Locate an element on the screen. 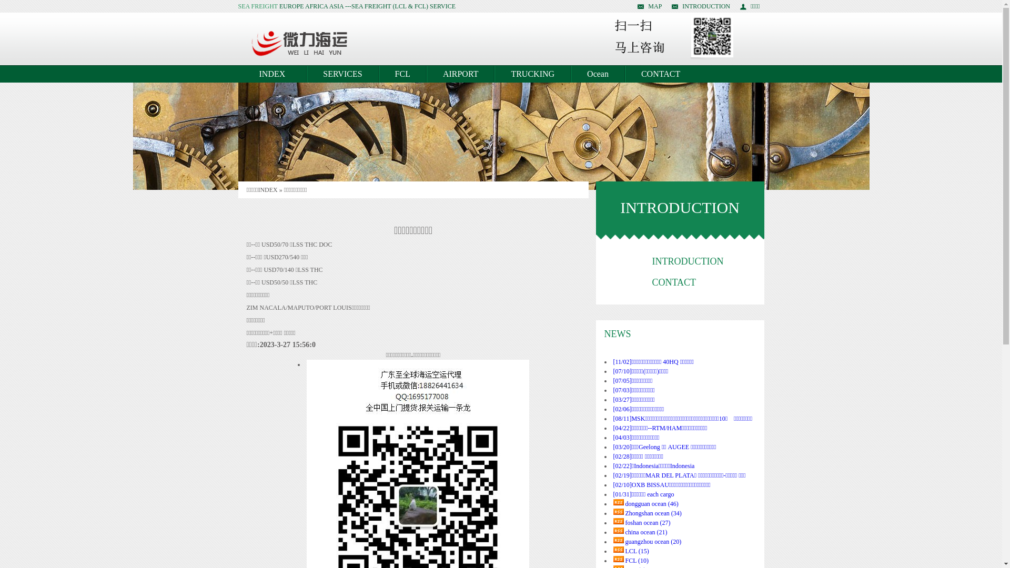  'guangzhou ocean (20)' is located at coordinates (652, 541).